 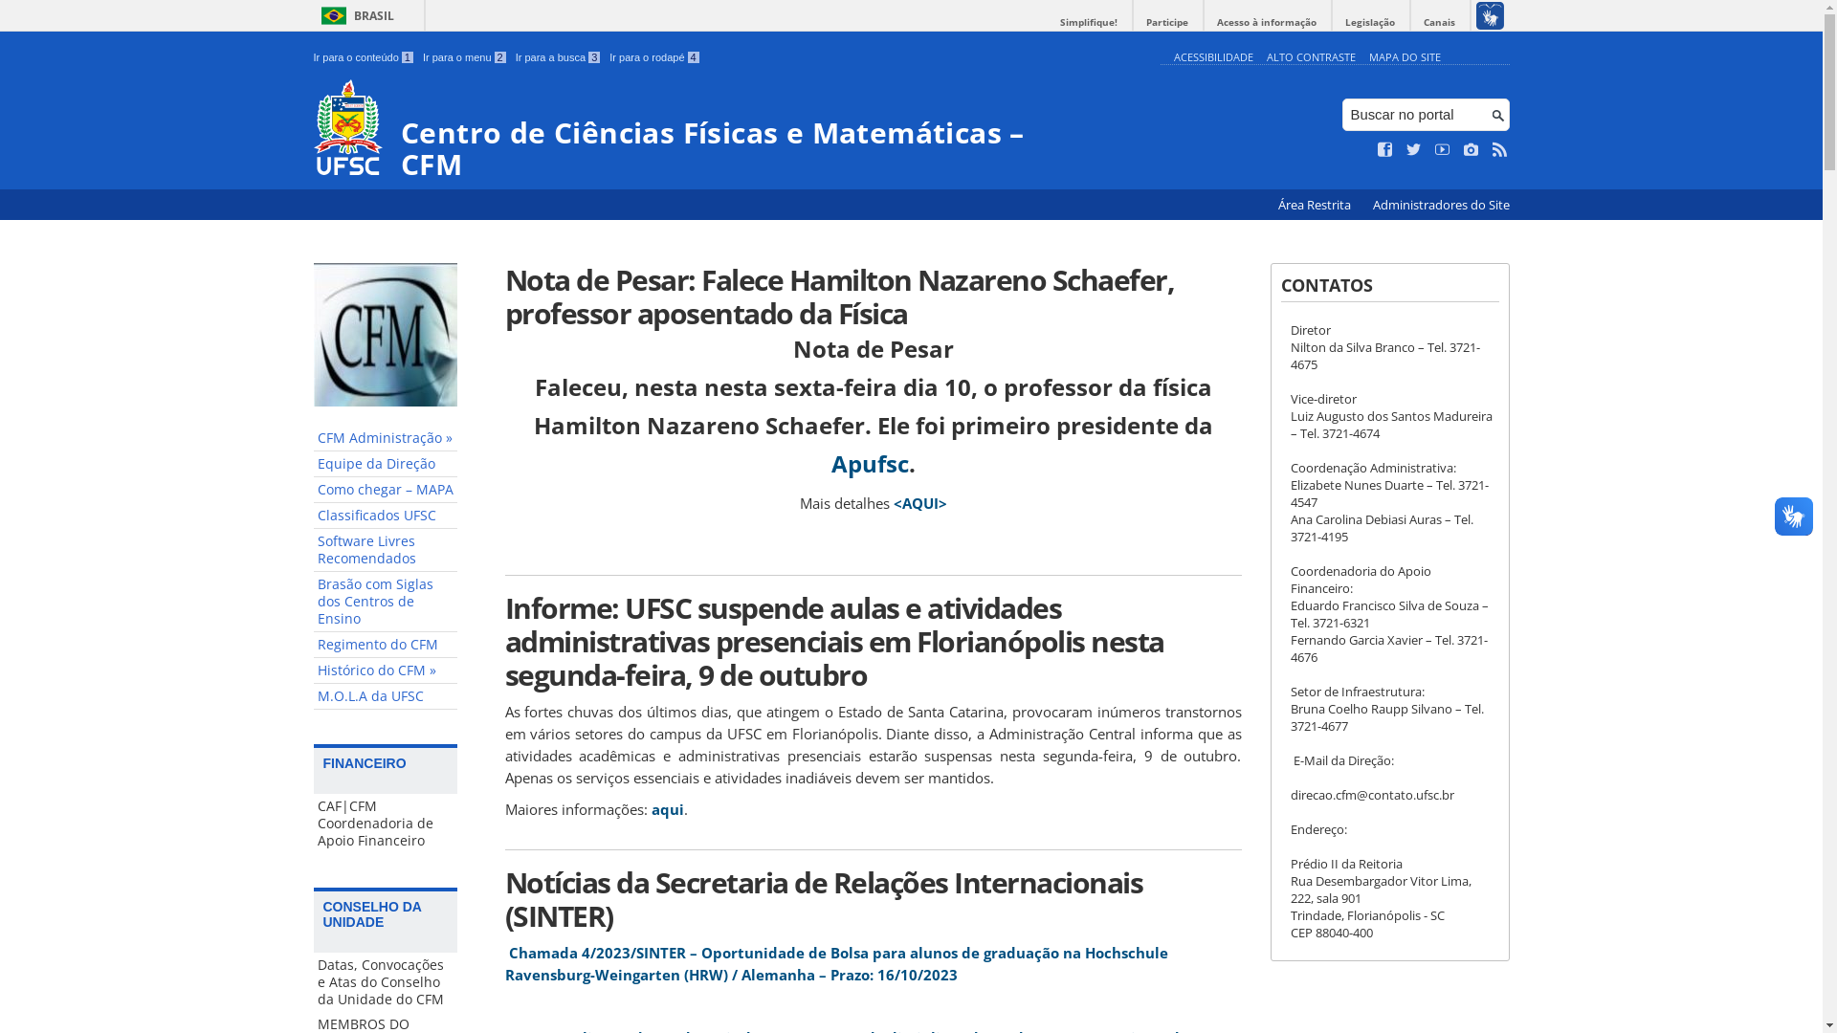 What do you see at coordinates (1165, 22) in the screenshot?
I see `'Participe'` at bounding box center [1165, 22].